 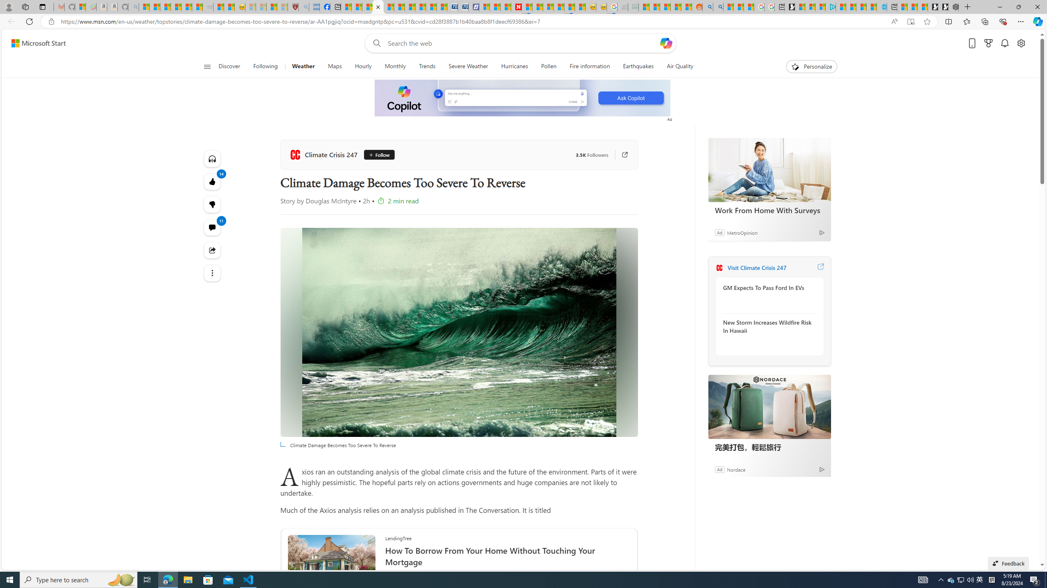 What do you see at coordinates (335, 66) in the screenshot?
I see `'Maps'` at bounding box center [335, 66].